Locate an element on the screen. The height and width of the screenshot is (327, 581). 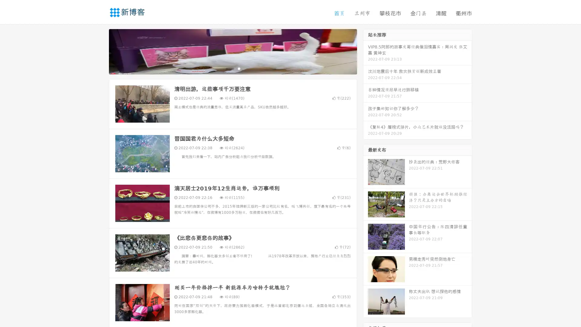
Go to slide 2 is located at coordinates (232, 68).